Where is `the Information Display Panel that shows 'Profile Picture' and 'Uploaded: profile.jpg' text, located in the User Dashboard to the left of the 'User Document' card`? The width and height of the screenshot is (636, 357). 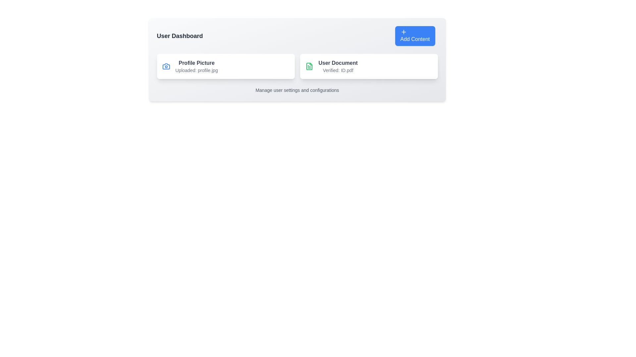
the Information Display Panel that shows 'Profile Picture' and 'Uploaded: profile.jpg' text, located in the User Dashboard to the left of the 'User Document' card is located at coordinates (196, 66).